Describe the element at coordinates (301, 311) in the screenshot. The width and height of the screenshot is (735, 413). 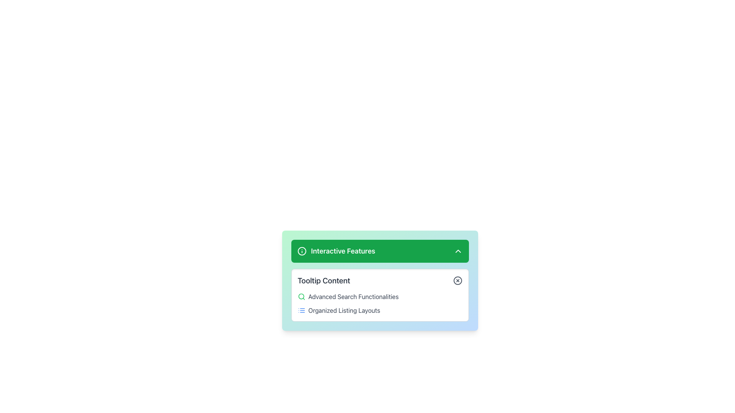
I see `icon representing 'Organized Listing Layouts', located to the left of the text 'Organized Listing Layouts' in the tooltip content section under the green header 'Interactive Features'` at that location.